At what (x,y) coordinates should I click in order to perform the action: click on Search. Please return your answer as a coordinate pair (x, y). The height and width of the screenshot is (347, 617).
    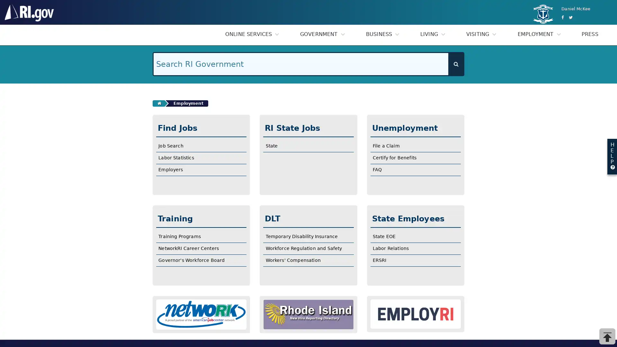
    Looking at the image, I should click on (456, 64).